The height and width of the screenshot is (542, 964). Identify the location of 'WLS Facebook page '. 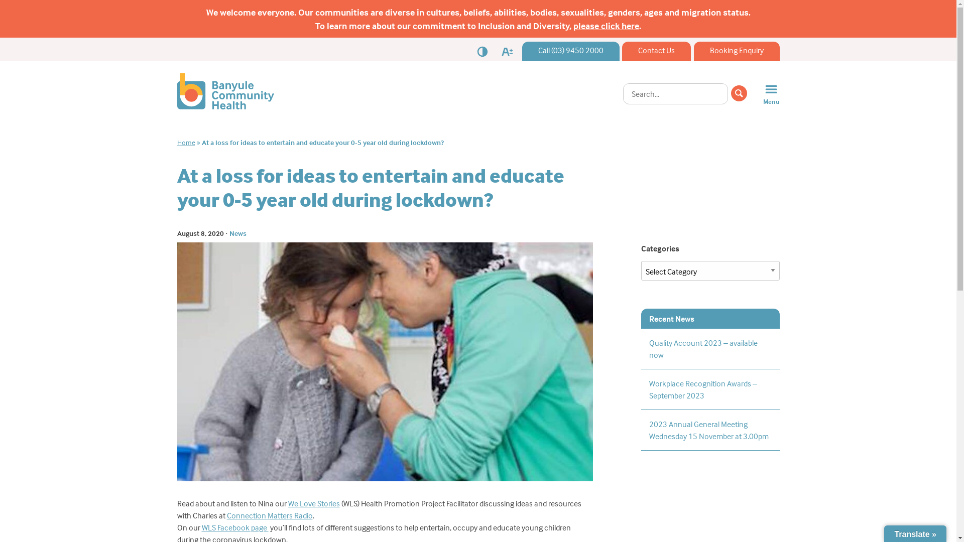
(234, 526).